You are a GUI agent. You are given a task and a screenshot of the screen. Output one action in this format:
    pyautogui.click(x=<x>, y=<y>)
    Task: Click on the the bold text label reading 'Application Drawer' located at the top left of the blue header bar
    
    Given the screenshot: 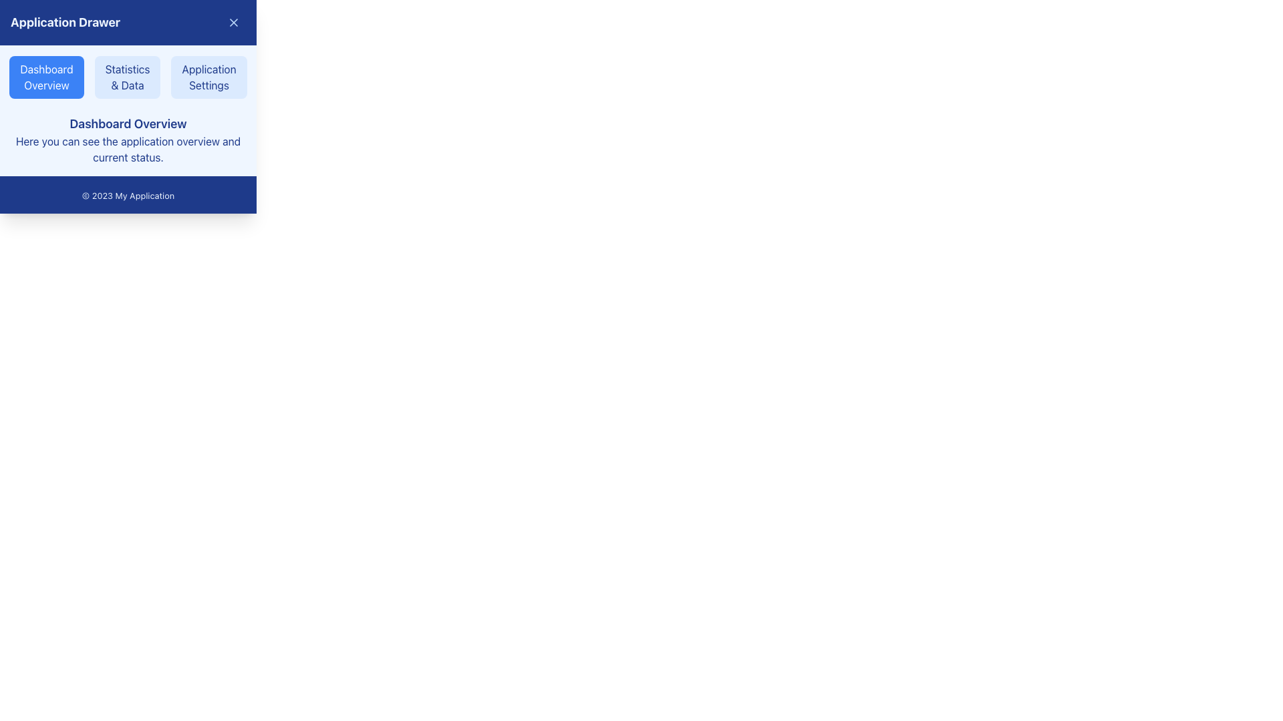 What is the action you would take?
    pyautogui.click(x=65, y=23)
    